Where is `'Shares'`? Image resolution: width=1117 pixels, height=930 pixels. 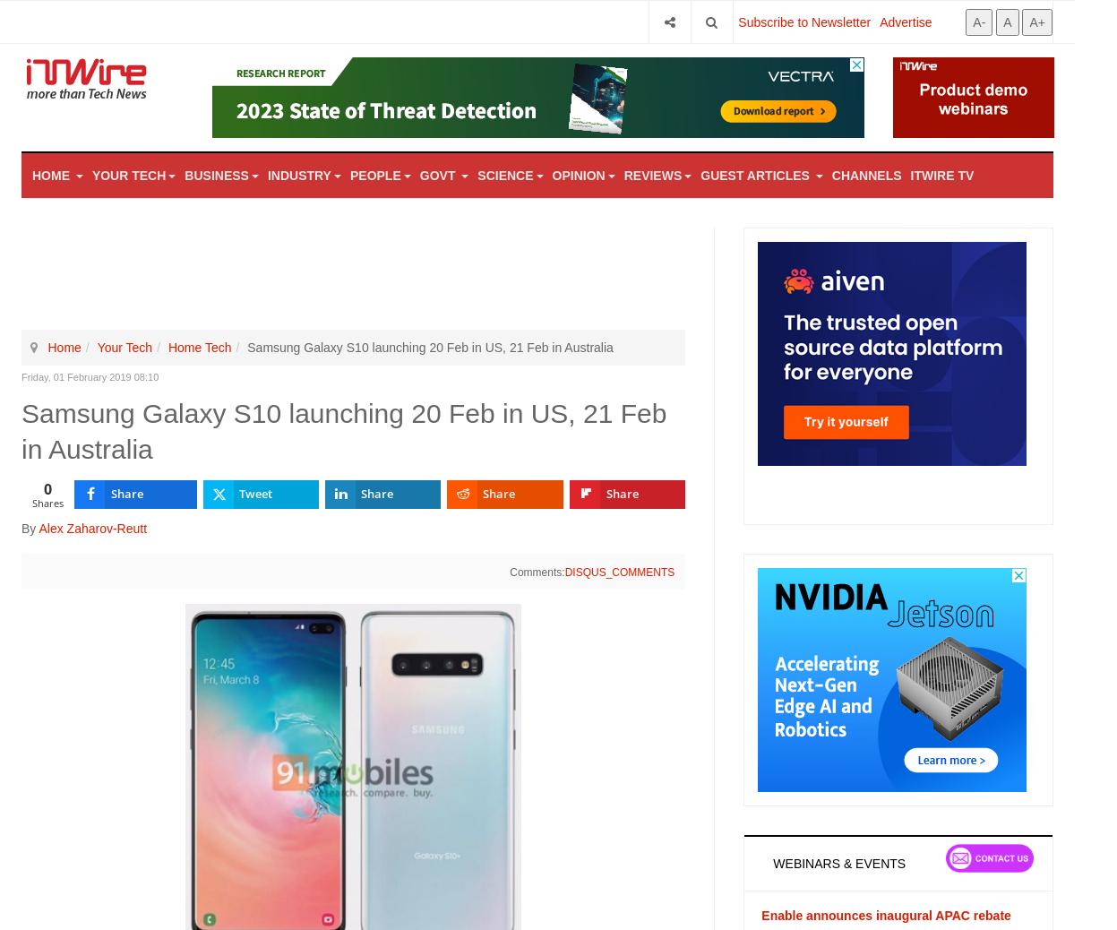 'Shares' is located at coordinates (47, 501).